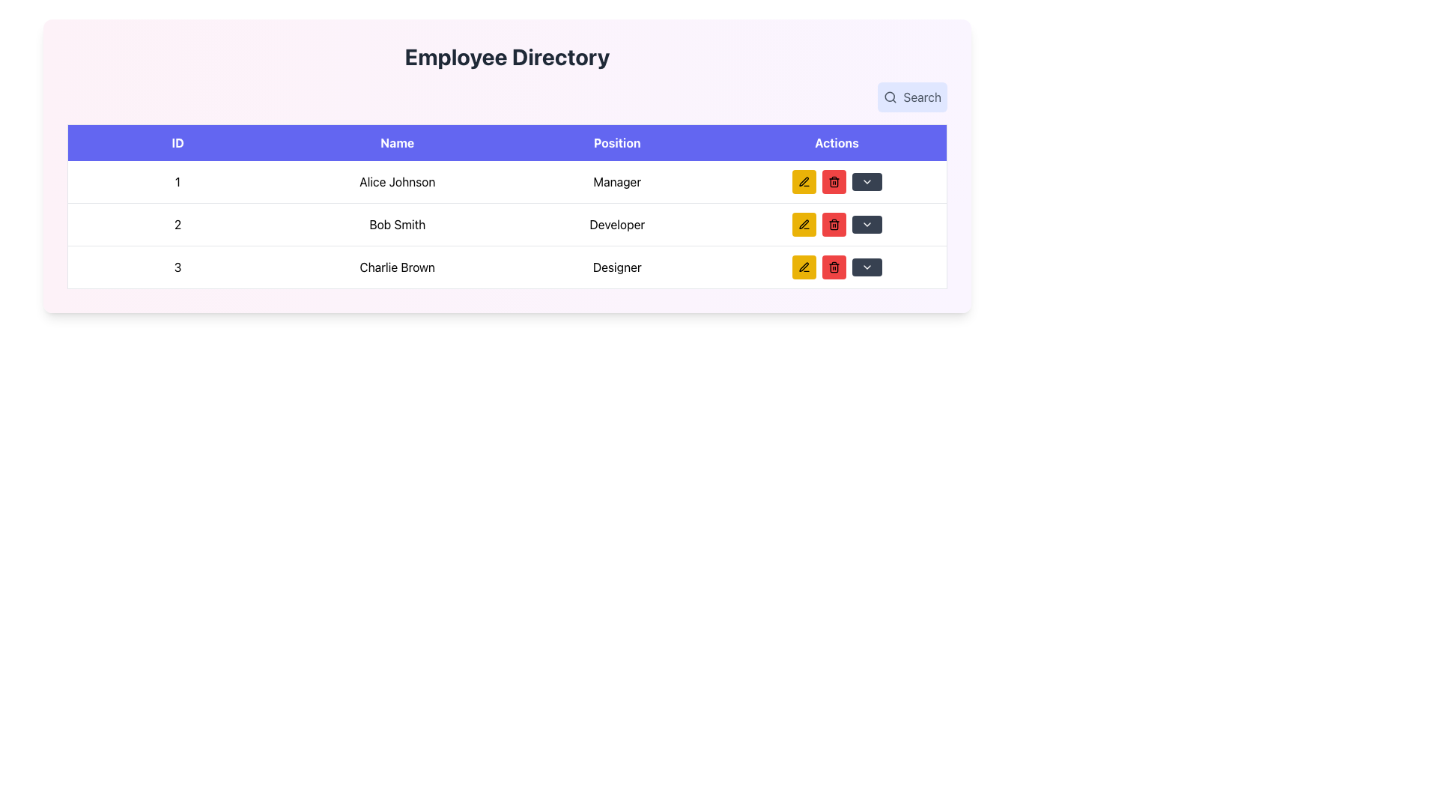  What do you see at coordinates (617, 142) in the screenshot?
I see `the 'Position' text label, which is styled with bold white text on a vibrant blue background, located within the header row of a table layout` at bounding box center [617, 142].